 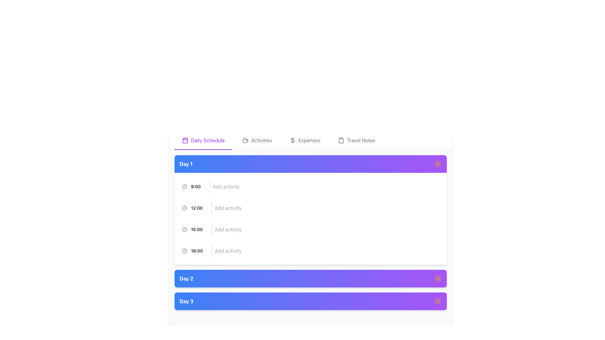 I want to click on the 'Expenses' text label in the navigation bar, so click(x=309, y=140).